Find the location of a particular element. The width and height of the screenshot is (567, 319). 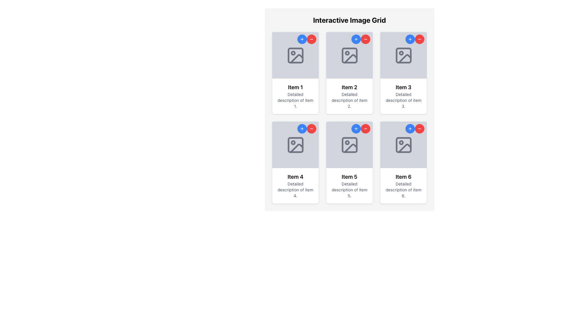

properties of the decorative shape within the SVG graphic located in the top-left corner of the interactive grid by using the developer tools is located at coordinates (295, 55).